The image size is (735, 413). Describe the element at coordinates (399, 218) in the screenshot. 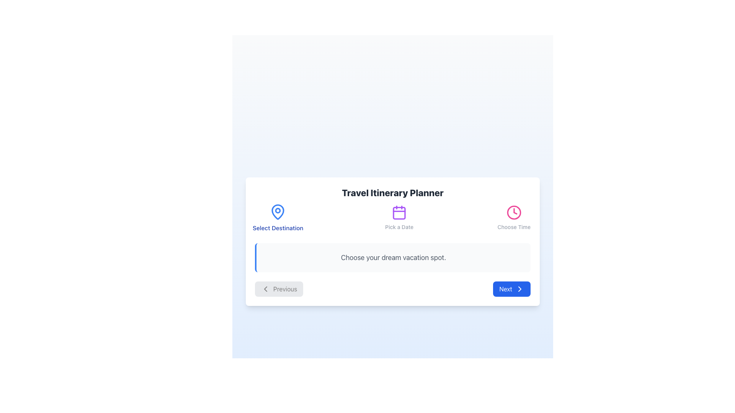

I see `the date selection label, which is centrally located between the 'Select Destination' and 'Choose Time' options in the itinerary planning interface` at that location.